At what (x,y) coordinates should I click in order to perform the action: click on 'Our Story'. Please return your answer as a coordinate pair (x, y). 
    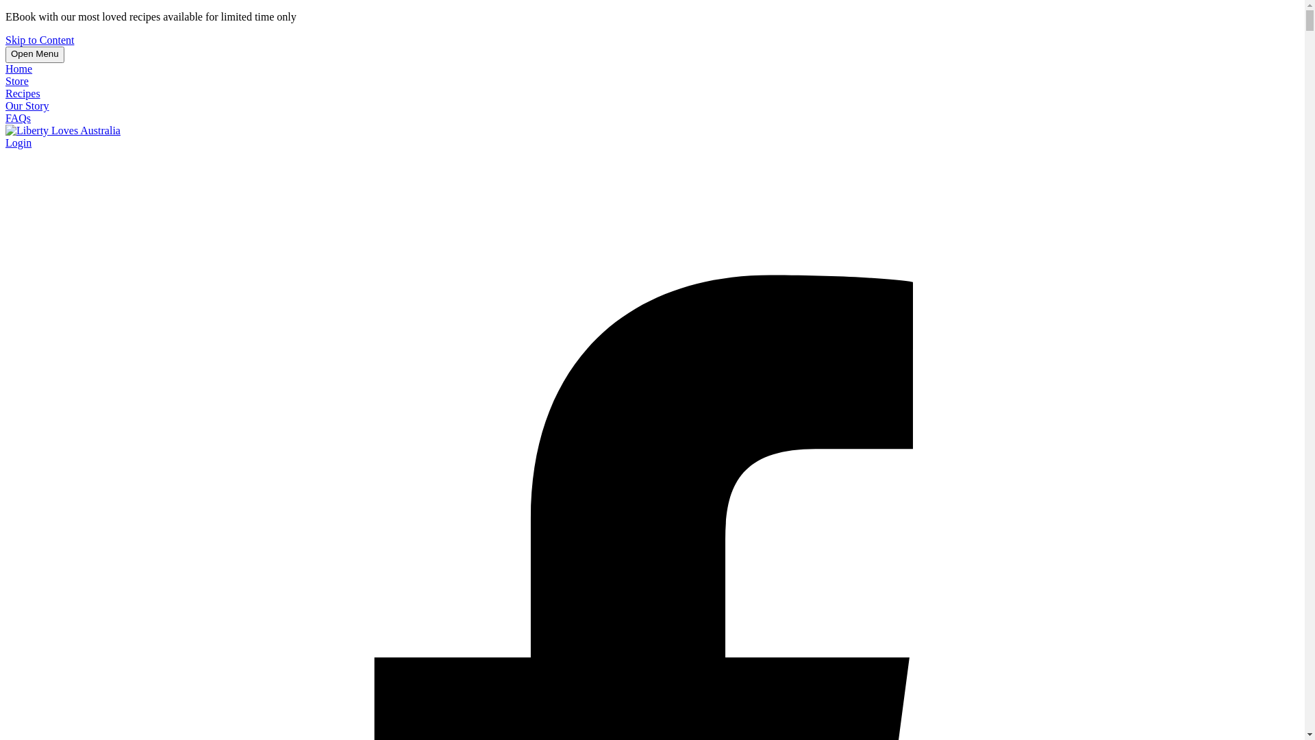
    Looking at the image, I should click on (27, 105).